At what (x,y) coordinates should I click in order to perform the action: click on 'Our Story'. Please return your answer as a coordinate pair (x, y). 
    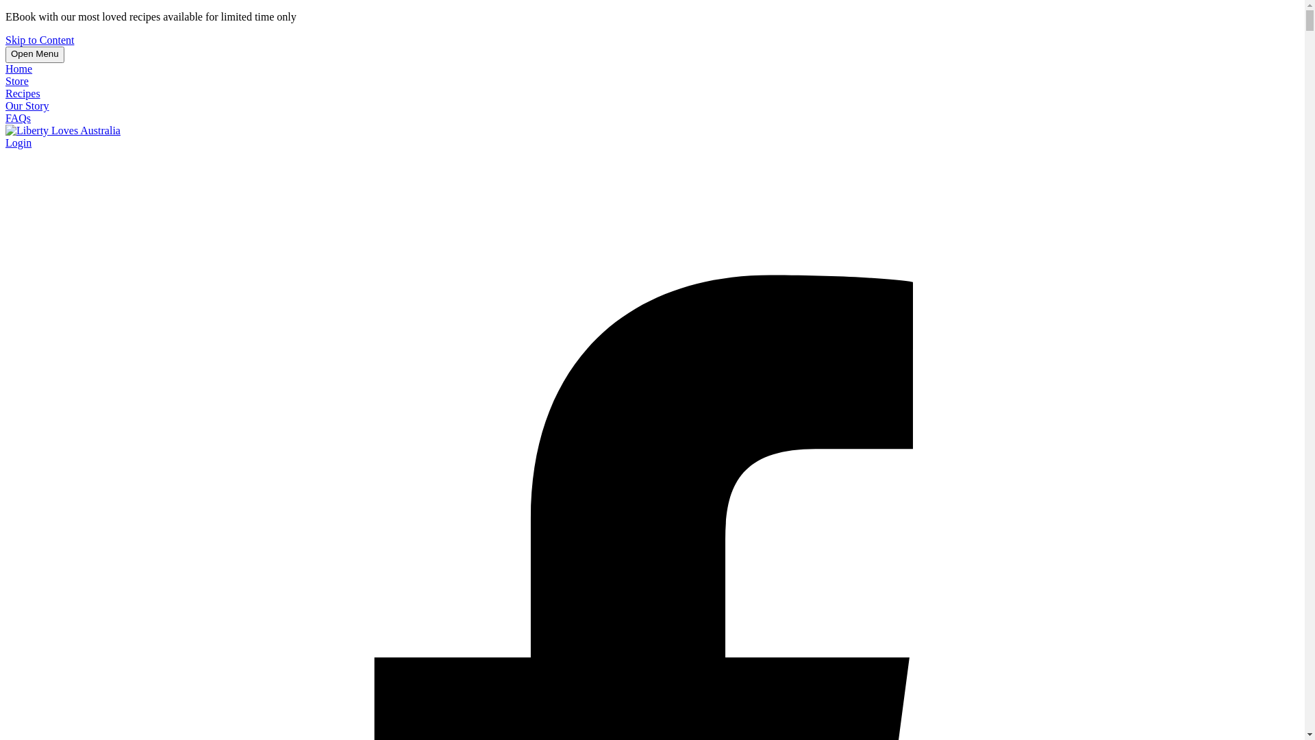
    Looking at the image, I should click on (27, 105).